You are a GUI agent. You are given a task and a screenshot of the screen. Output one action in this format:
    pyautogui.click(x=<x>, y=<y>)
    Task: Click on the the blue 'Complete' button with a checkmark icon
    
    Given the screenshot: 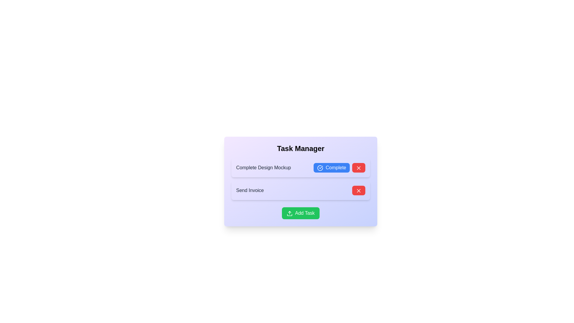 What is the action you would take?
    pyautogui.click(x=339, y=167)
    